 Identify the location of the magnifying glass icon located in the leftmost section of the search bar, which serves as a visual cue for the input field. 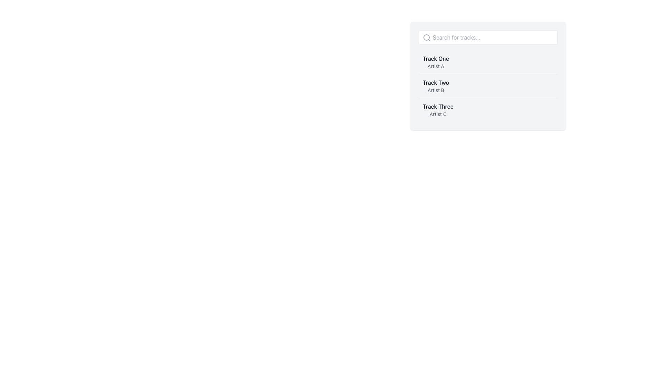
(426, 37).